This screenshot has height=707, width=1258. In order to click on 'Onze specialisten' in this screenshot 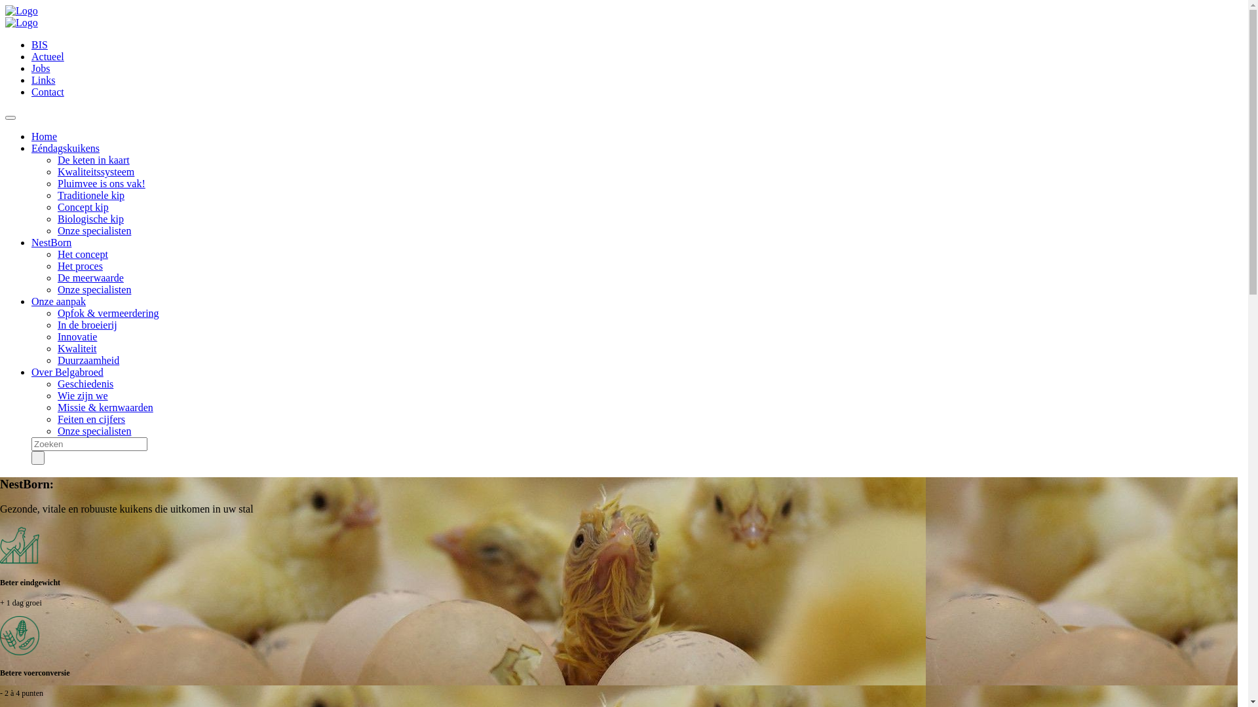, I will do `click(94, 230)`.